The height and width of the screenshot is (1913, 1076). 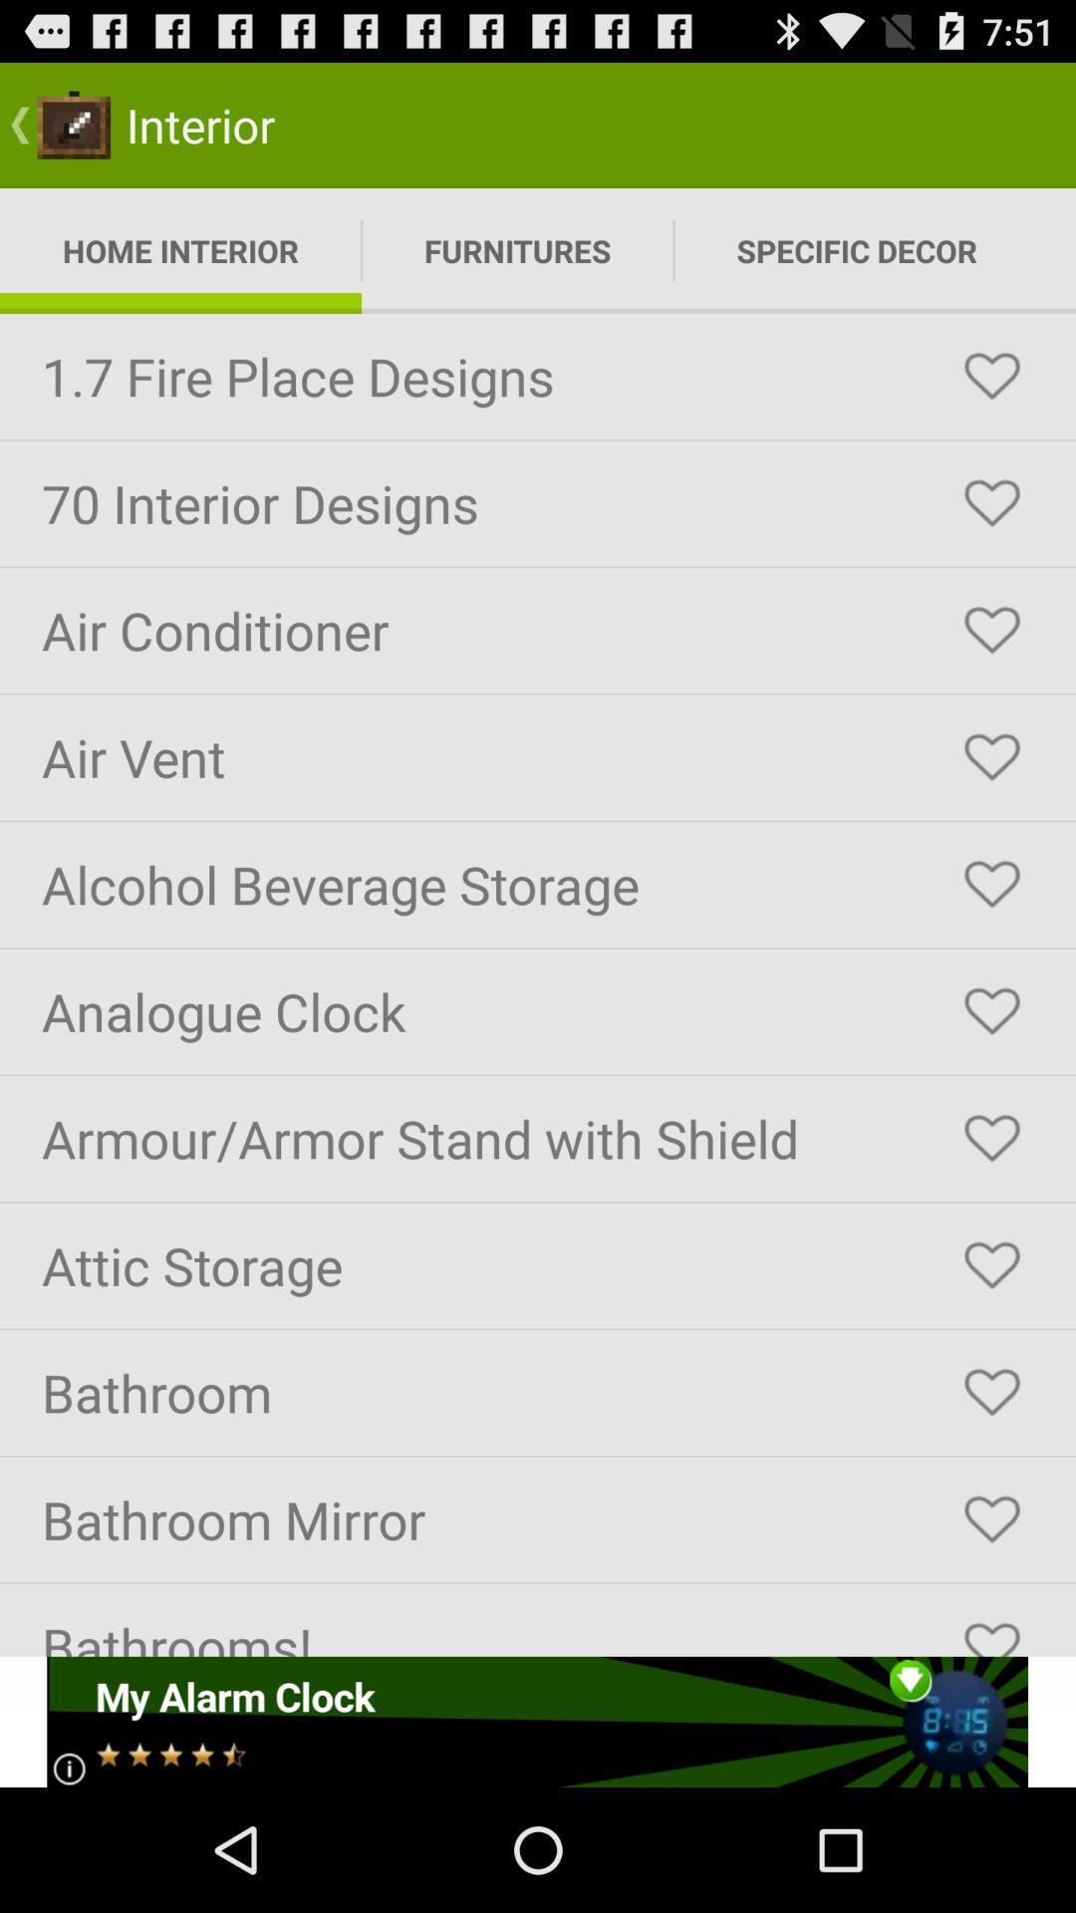 What do you see at coordinates (991, 1630) in the screenshot?
I see `to favorite` at bounding box center [991, 1630].